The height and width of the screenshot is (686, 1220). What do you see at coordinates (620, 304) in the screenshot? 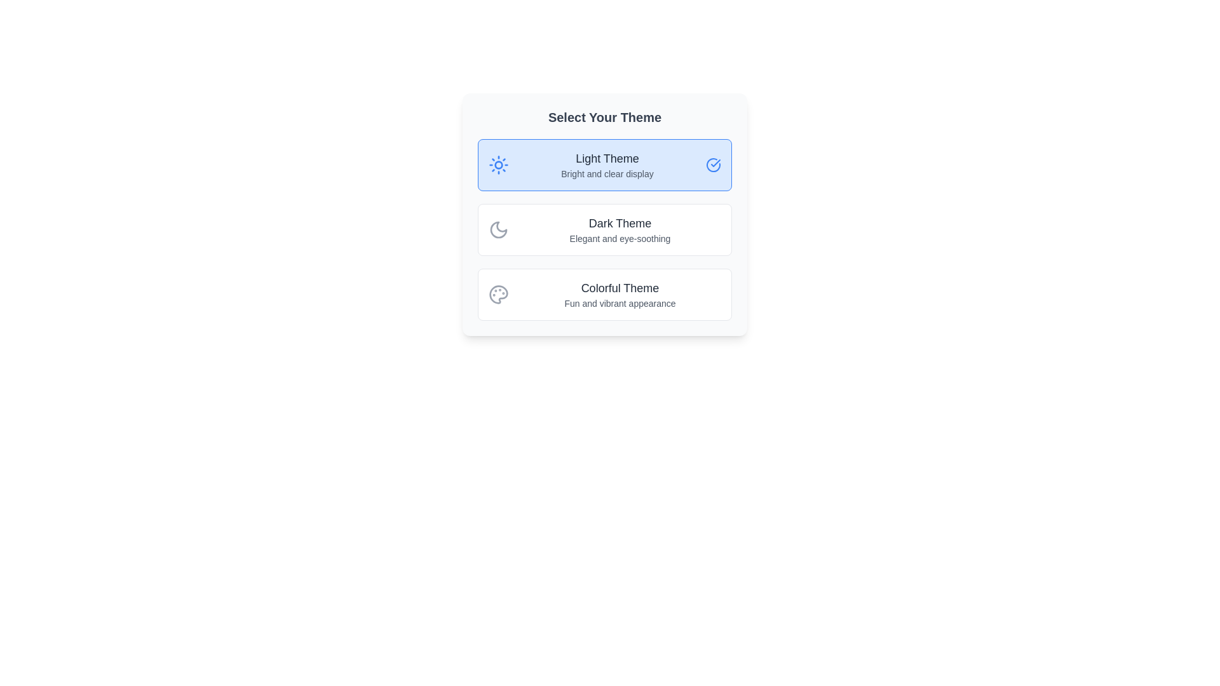
I see `the text label displaying 'Fun and vibrant appearance', which is located below the title 'Colorful Theme' in the bottom section of the card for 'Colorful Theme'` at bounding box center [620, 304].